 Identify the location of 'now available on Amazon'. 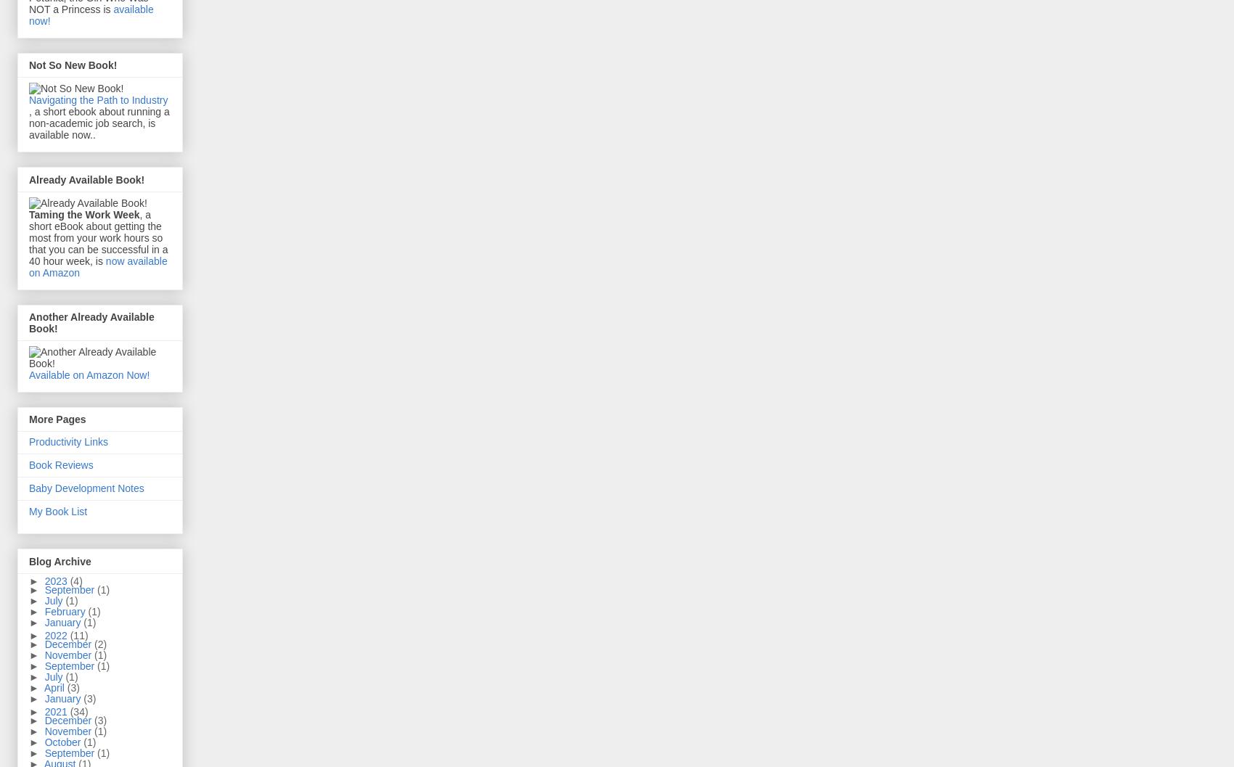
(97, 266).